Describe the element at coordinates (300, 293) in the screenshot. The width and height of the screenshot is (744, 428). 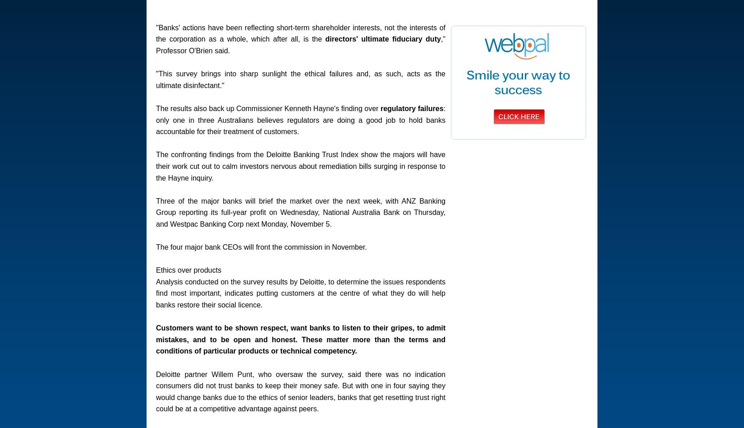
I see `'Analysis conducted on the survey results by Deloitte, to determine the issues respondents find most important, indicates putting customers at the centre of what they do will help banks restore their social licence.'` at that location.